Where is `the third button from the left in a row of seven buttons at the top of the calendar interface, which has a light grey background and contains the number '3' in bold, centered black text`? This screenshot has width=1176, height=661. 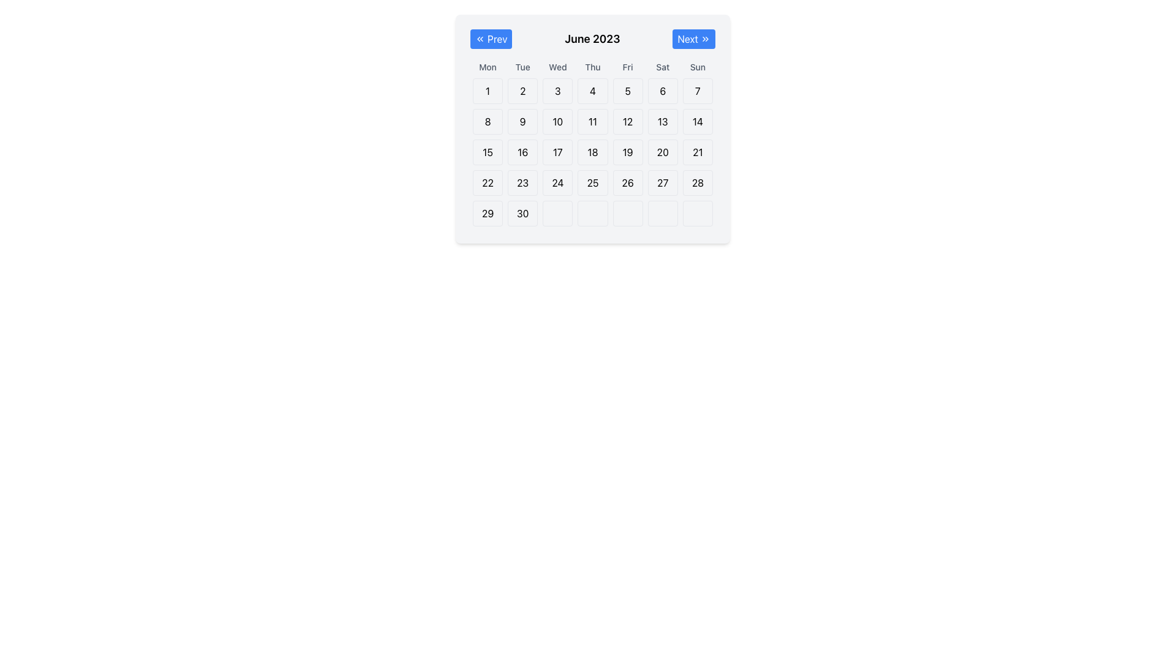 the third button from the left in a row of seven buttons at the top of the calendar interface, which has a light grey background and contains the number '3' in bold, centered black text is located at coordinates (557, 91).